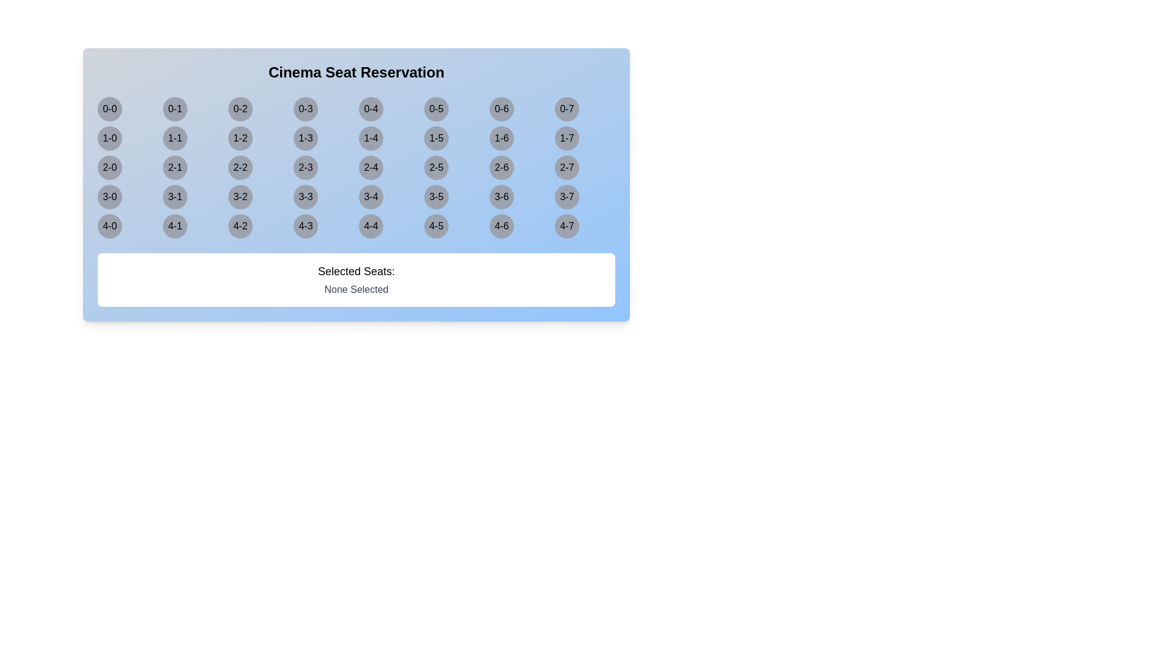  What do you see at coordinates (175, 226) in the screenshot?
I see `the circular button labeled '4-1' with a gray background` at bounding box center [175, 226].